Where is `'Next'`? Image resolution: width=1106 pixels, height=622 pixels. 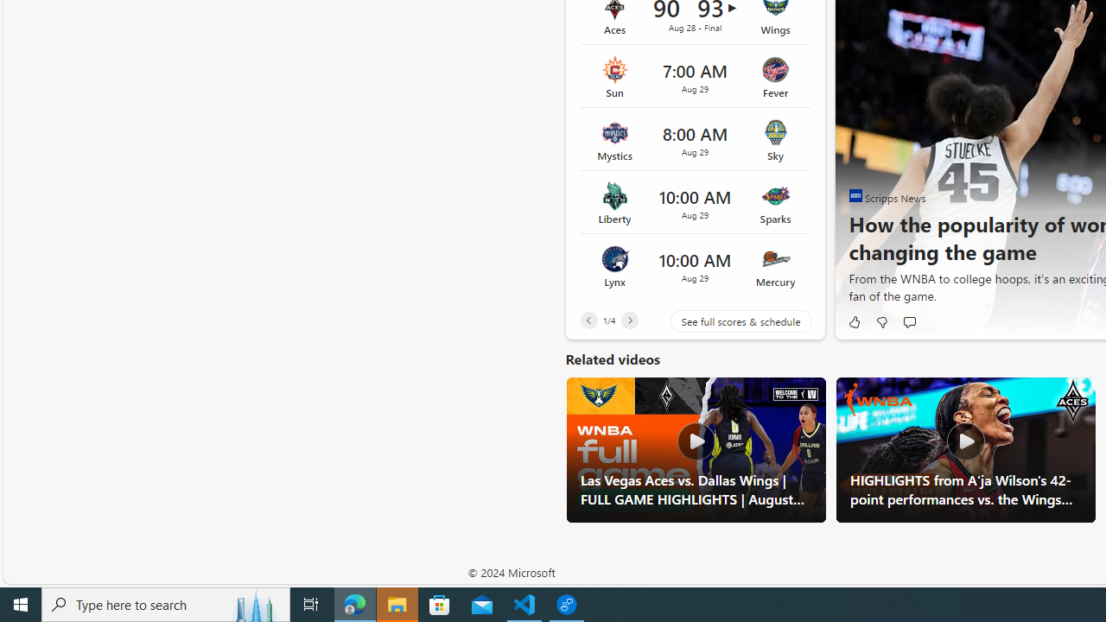 'Next' is located at coordinates (628, 320).